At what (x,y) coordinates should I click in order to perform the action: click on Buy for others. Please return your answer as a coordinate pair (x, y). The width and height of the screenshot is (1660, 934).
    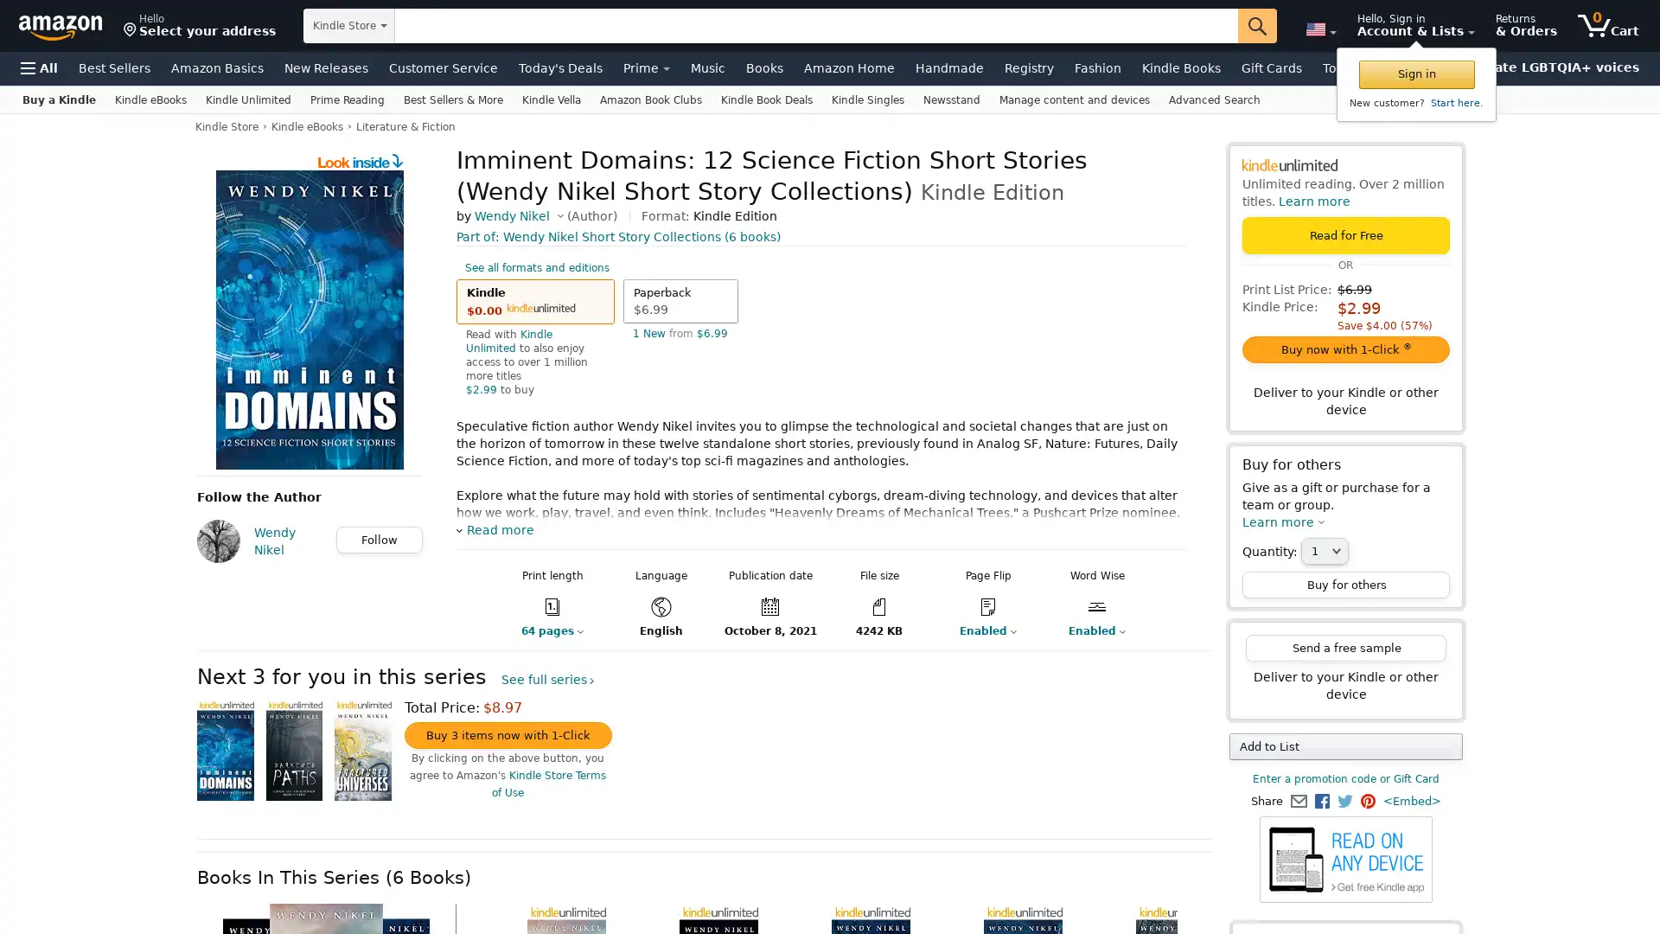
    Looking at the image, I should click on (1344, 584).